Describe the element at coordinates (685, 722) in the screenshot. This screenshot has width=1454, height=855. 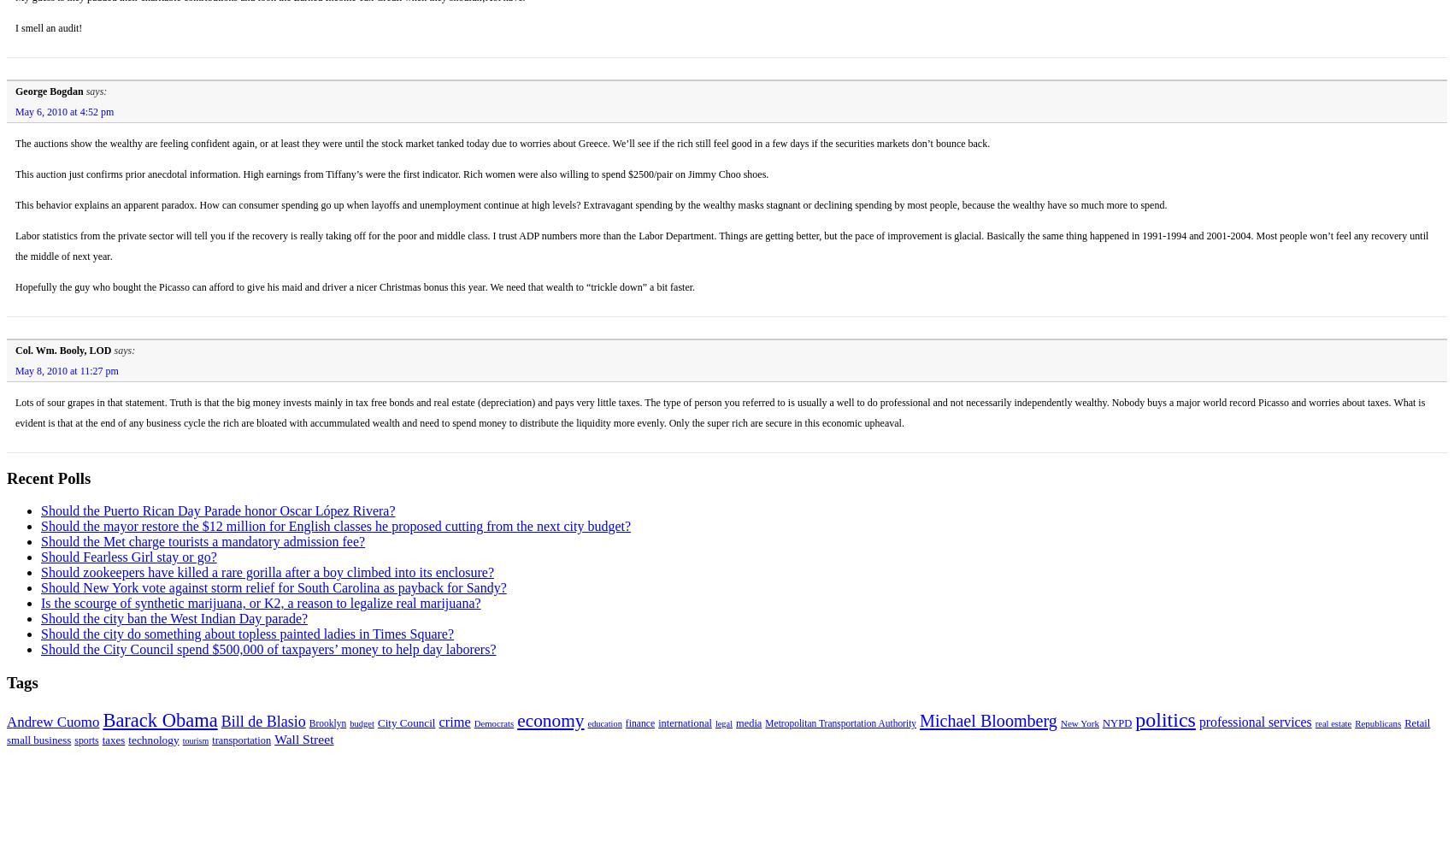
I see `'international'` at that location.